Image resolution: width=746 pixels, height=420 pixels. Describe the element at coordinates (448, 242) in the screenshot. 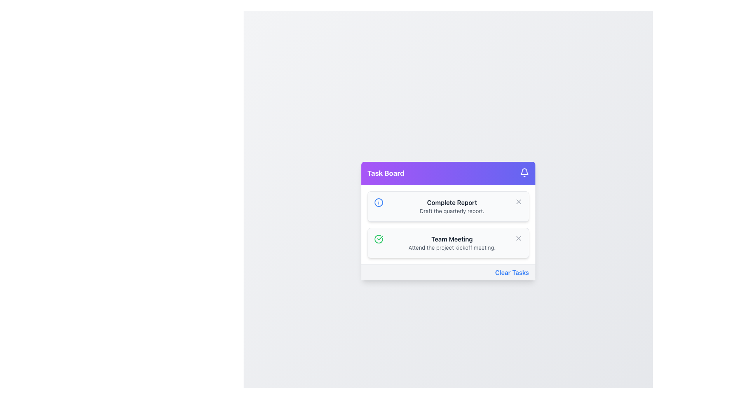

I see `the 'Team Meeting' task card, which is the second item in the Task Board section` at that location.